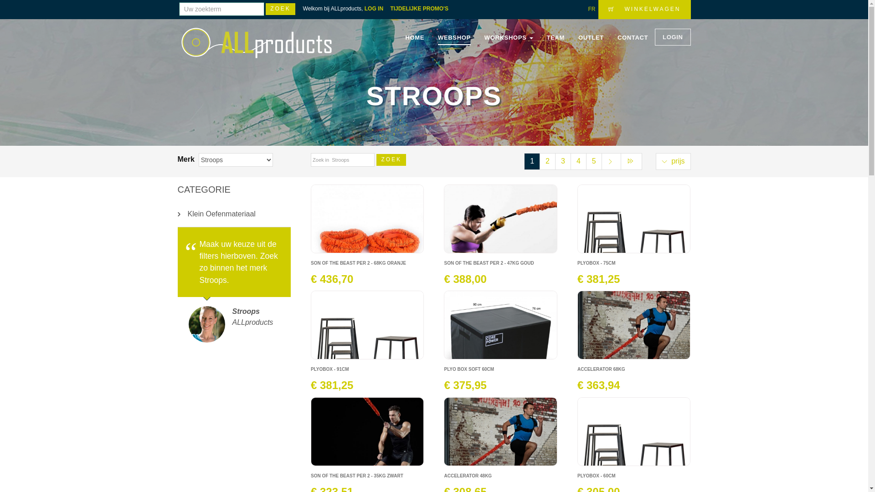 This screenshot has height=492, width=875. What do you see at coordinates (547, 161) in the screenshot?
I see `'2'` at bounding box center [547, 161].